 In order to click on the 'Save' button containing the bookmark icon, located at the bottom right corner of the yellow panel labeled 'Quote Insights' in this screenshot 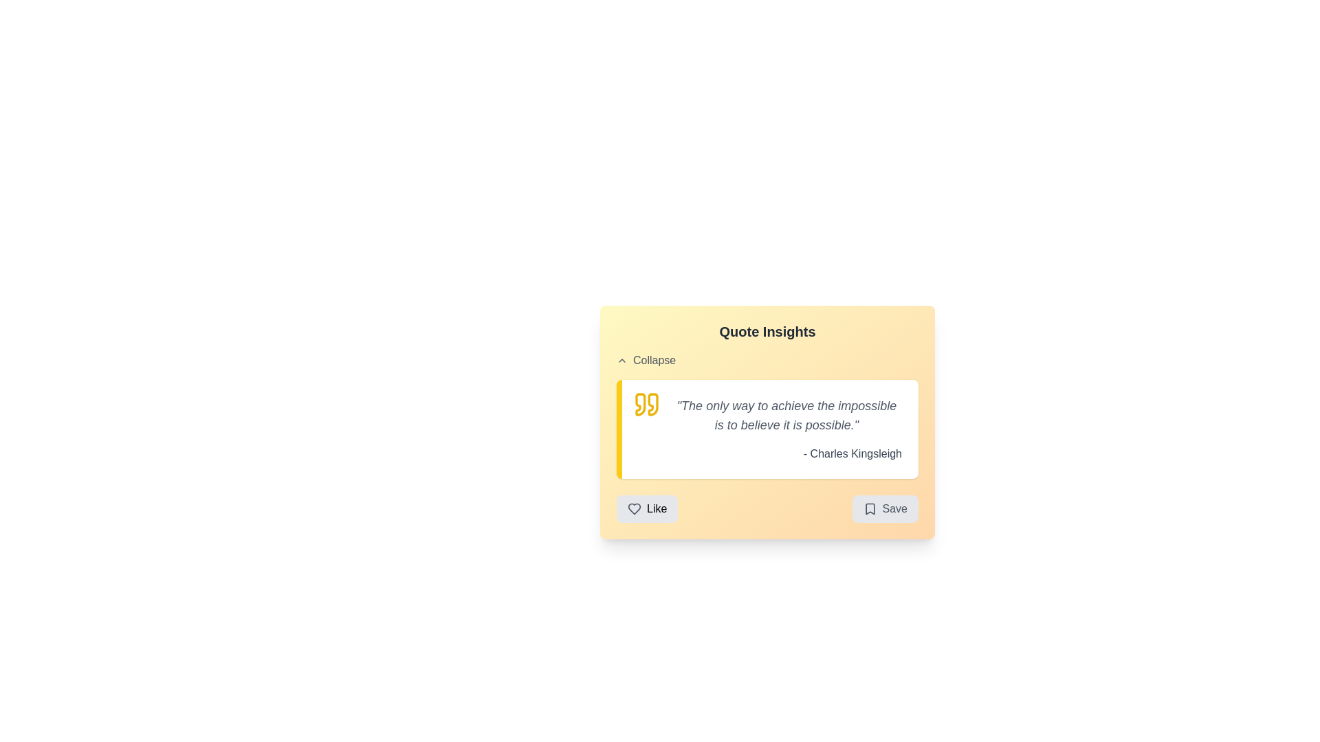, I will do `click(869, 508)`.